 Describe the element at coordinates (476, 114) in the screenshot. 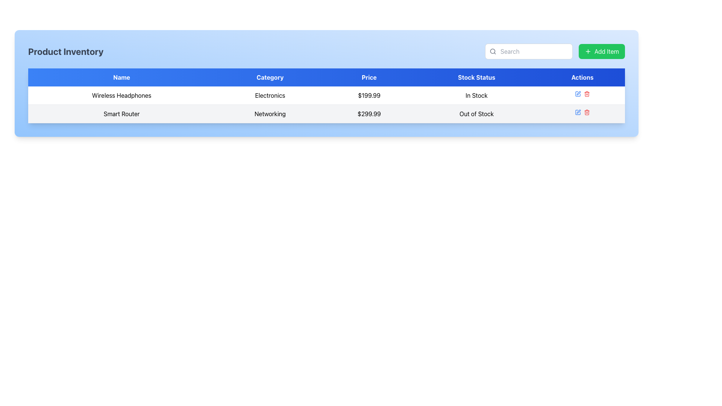

I see `the Text Label that indicates the stock availability status for the 'Smart Router' product in the Stock Status column` at that location.